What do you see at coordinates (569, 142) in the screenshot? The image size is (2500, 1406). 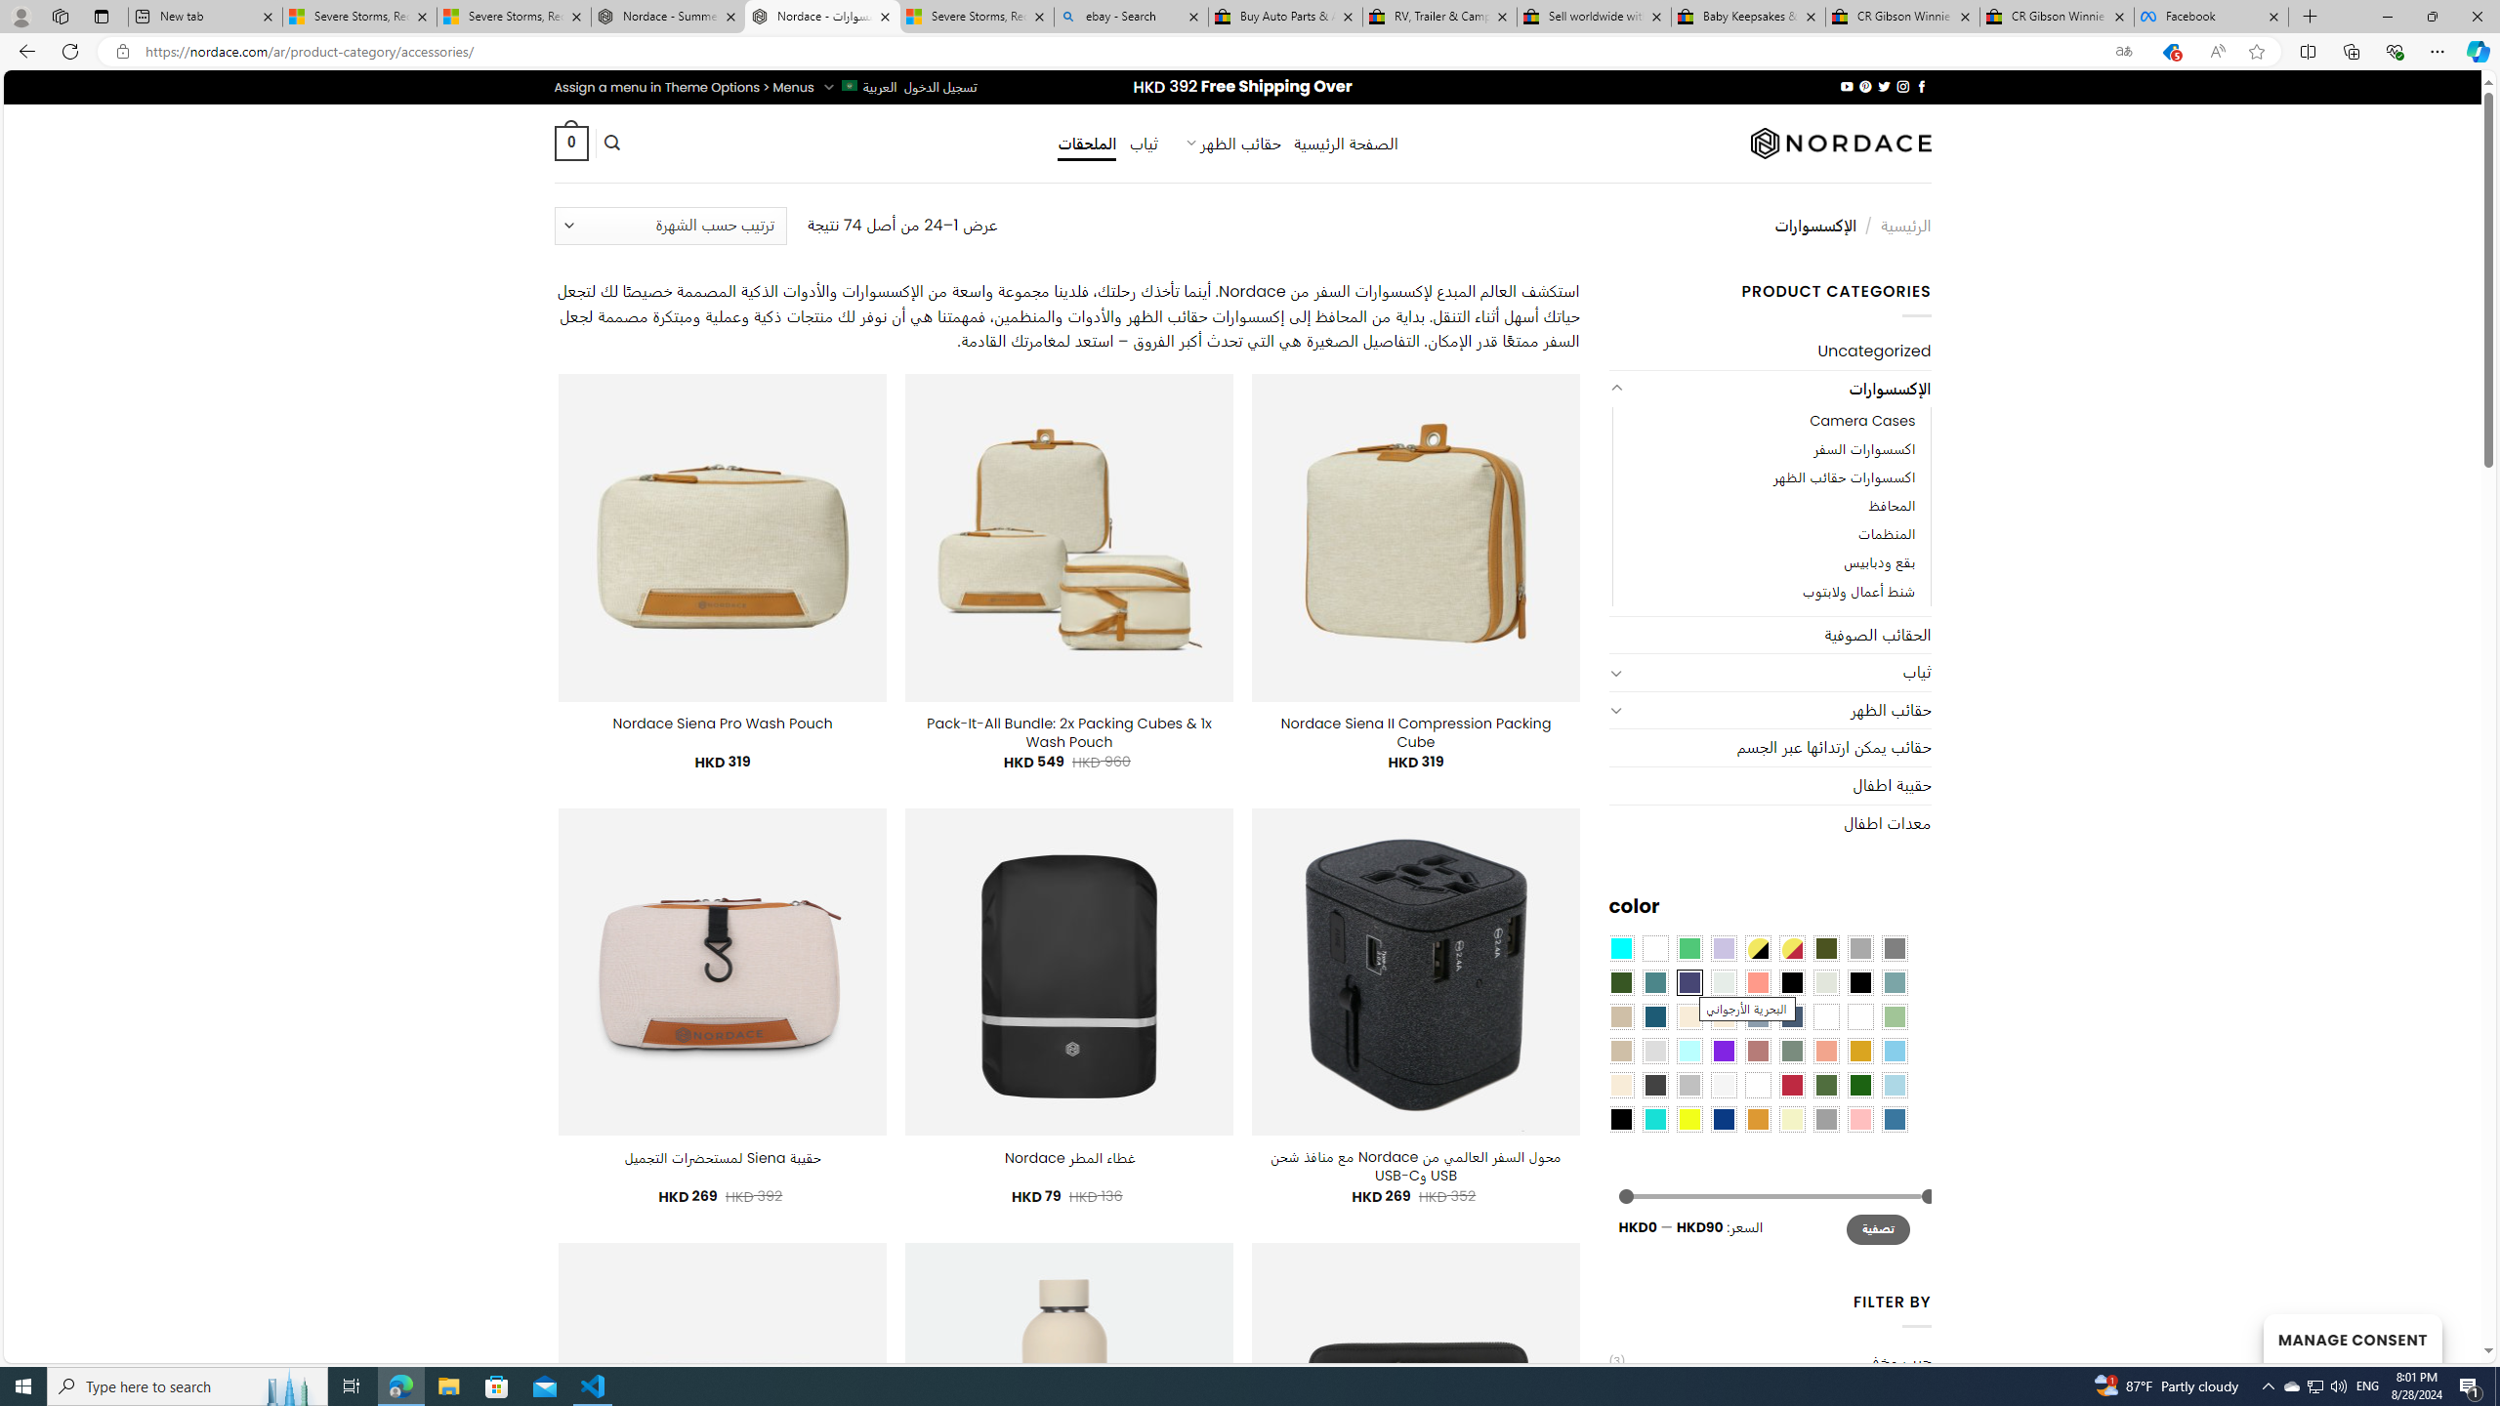 I see `'  0  '` at bounding box center [569, 142].